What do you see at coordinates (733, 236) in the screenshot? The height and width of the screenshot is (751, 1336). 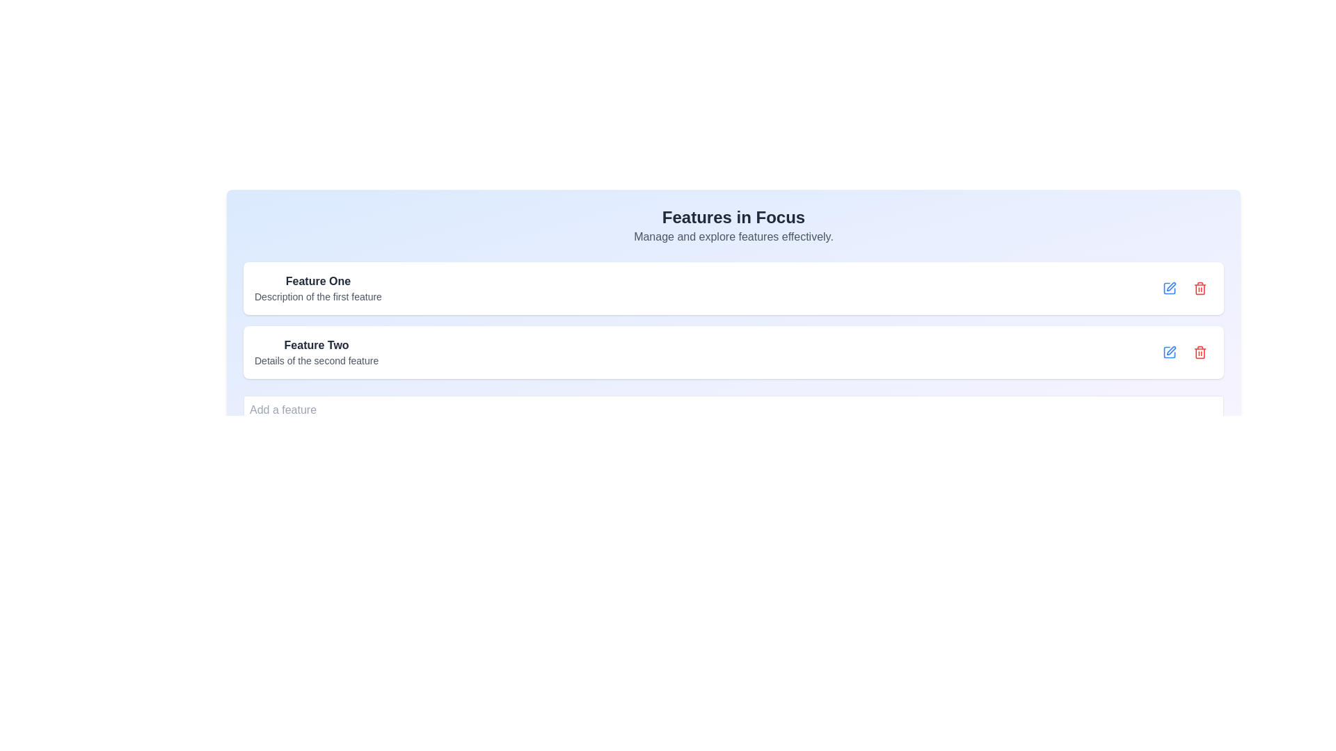 I see `the interactive text line styled in light gray that reads 'Manage and explore features effectively.', located below the heading 'Features in Focus'` at bounding box center [733, 236].